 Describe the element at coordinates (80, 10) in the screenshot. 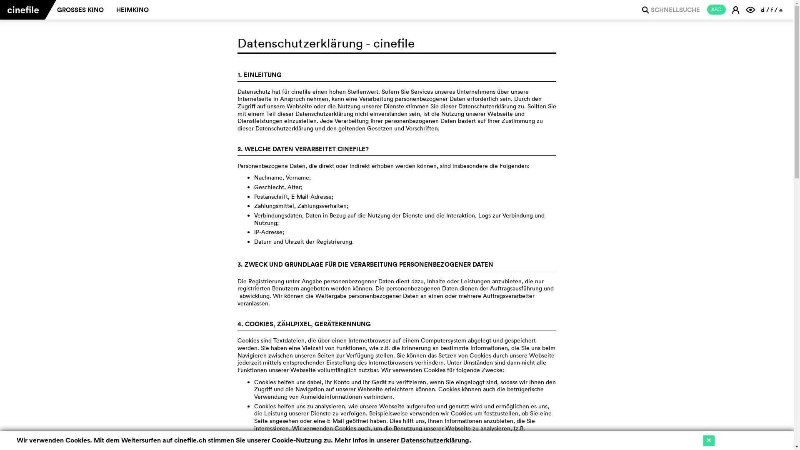

I see `'GROSSES KINO'` at that location.